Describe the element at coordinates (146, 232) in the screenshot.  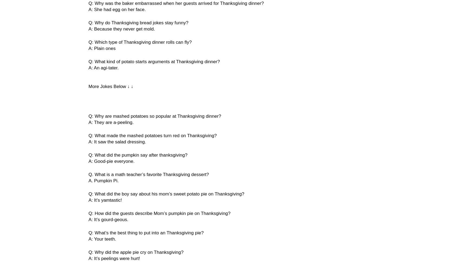
I see `'Q: What’s the best thing to put into an Thanksgiving pie?'` at that location.